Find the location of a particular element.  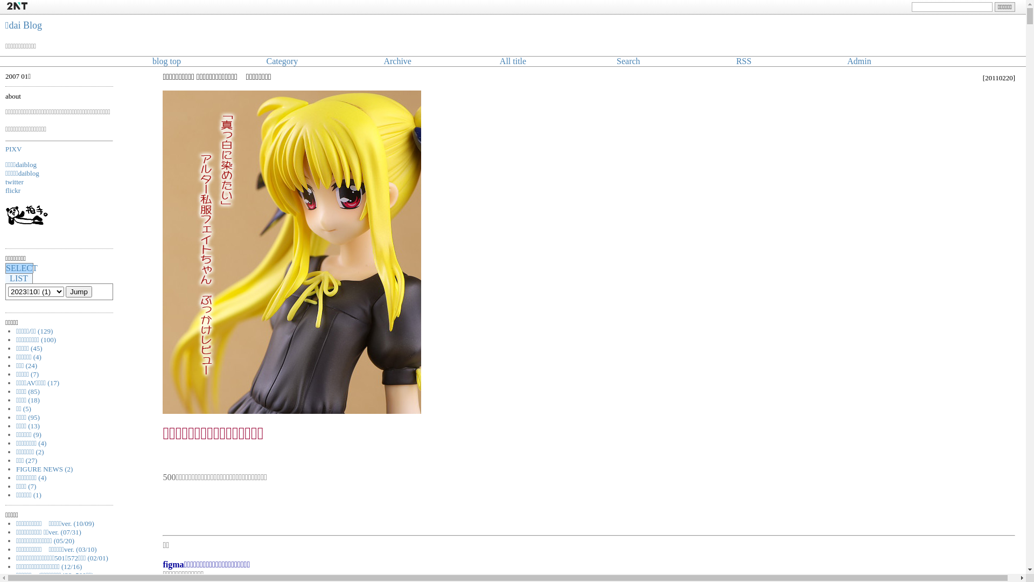

'PIXV' is located at coordinates (13, 148).